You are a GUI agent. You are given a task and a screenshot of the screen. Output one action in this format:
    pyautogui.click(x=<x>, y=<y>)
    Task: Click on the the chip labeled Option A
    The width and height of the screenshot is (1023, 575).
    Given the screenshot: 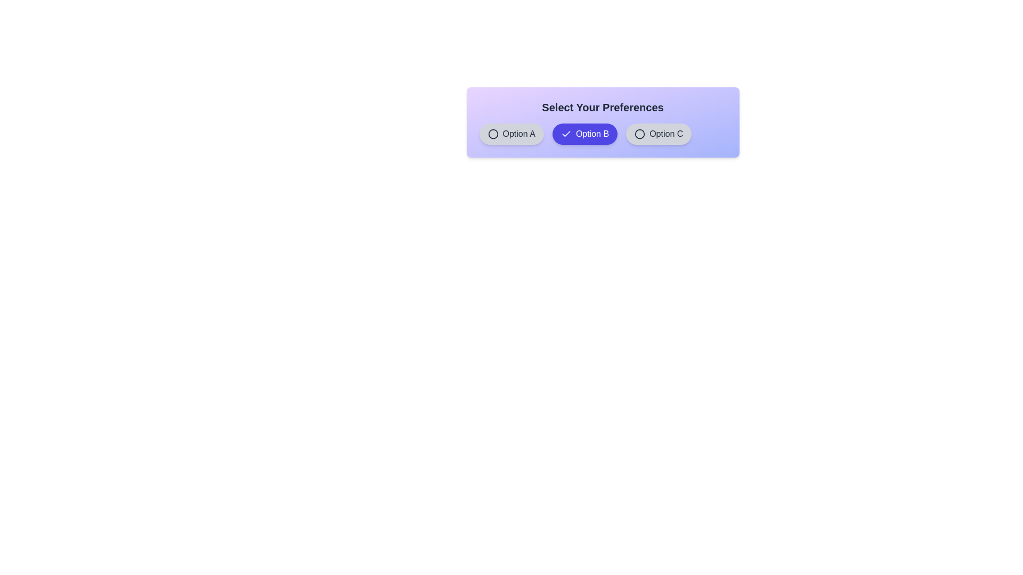 What is the action you would take?
    pyautogui.click(x=511, y=133)
    